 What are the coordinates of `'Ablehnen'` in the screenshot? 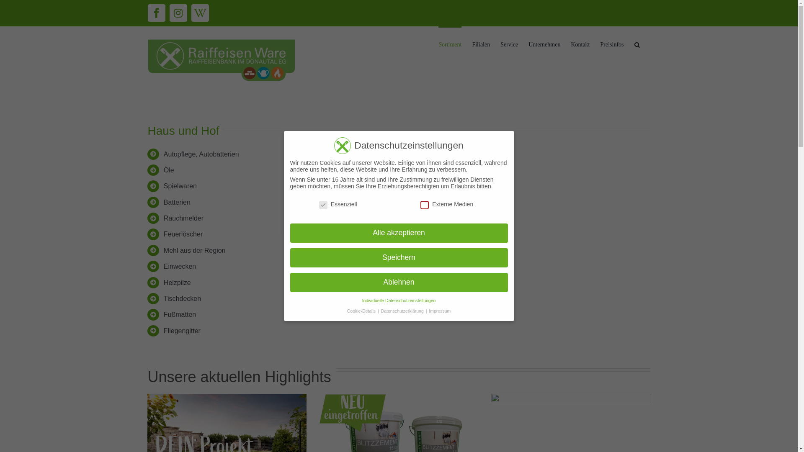 It's located at (398, 282).